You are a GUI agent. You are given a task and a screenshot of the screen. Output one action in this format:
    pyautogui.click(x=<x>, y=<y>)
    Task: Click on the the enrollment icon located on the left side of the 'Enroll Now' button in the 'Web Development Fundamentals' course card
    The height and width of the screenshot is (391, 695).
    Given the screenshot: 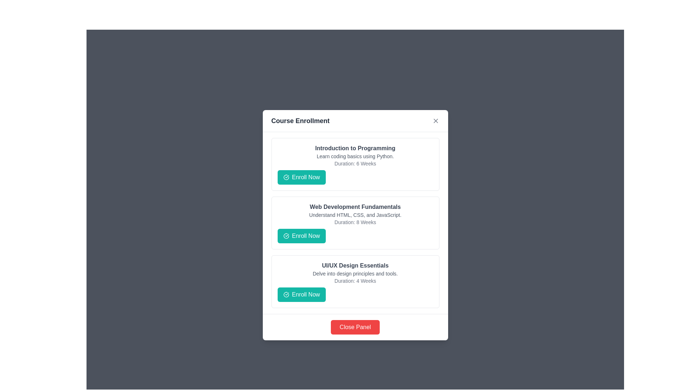 What is the action you would take?
    pyautogui.click(x=286, y=236)
    